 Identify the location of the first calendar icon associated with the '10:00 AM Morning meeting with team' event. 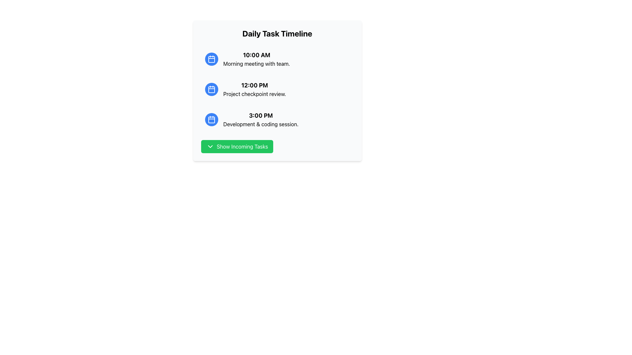
(211, 59).